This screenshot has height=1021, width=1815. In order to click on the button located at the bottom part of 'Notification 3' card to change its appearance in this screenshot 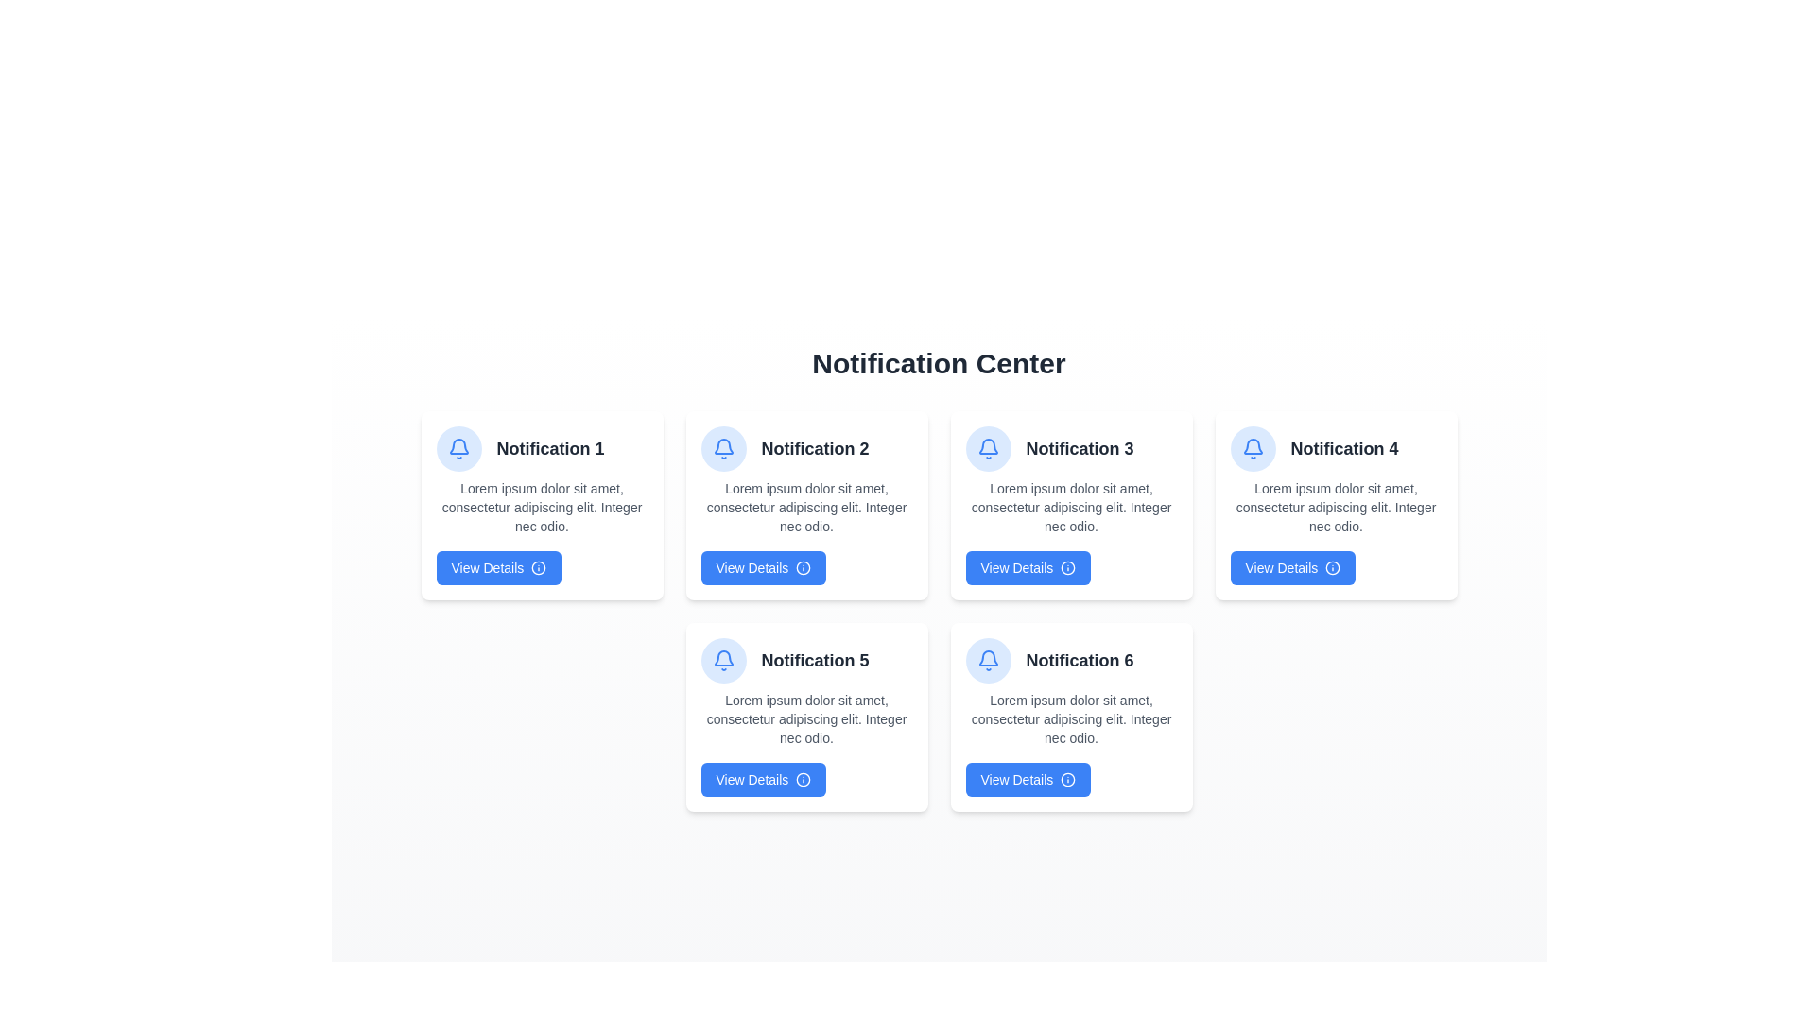, I will do `click(1027, 567)`.